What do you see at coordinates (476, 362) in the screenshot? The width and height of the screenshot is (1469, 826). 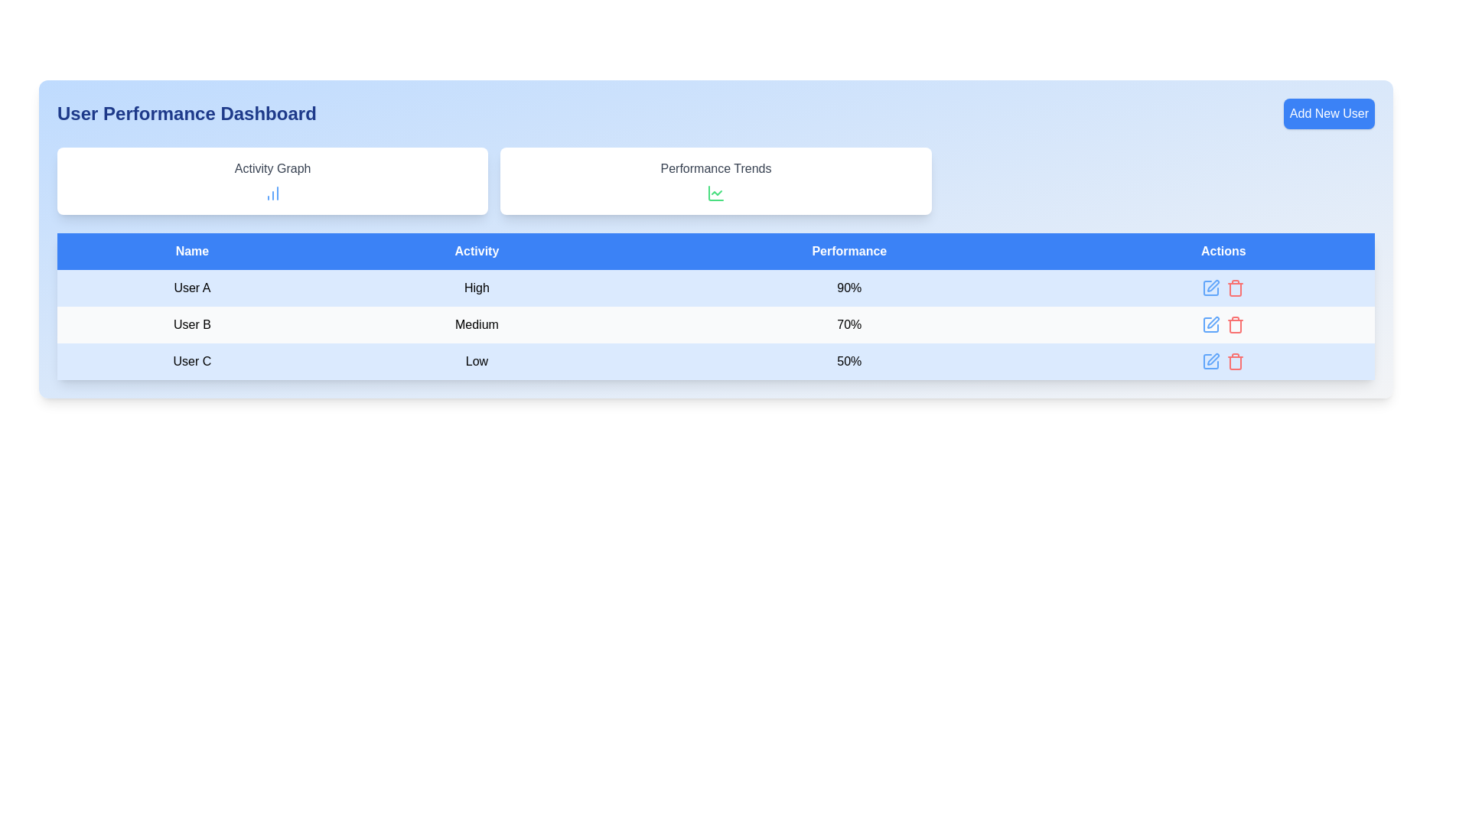 I see `the static text label displaying 'Low' in the second column of the row labeled 'User C'` at bounding box center [476, 362].